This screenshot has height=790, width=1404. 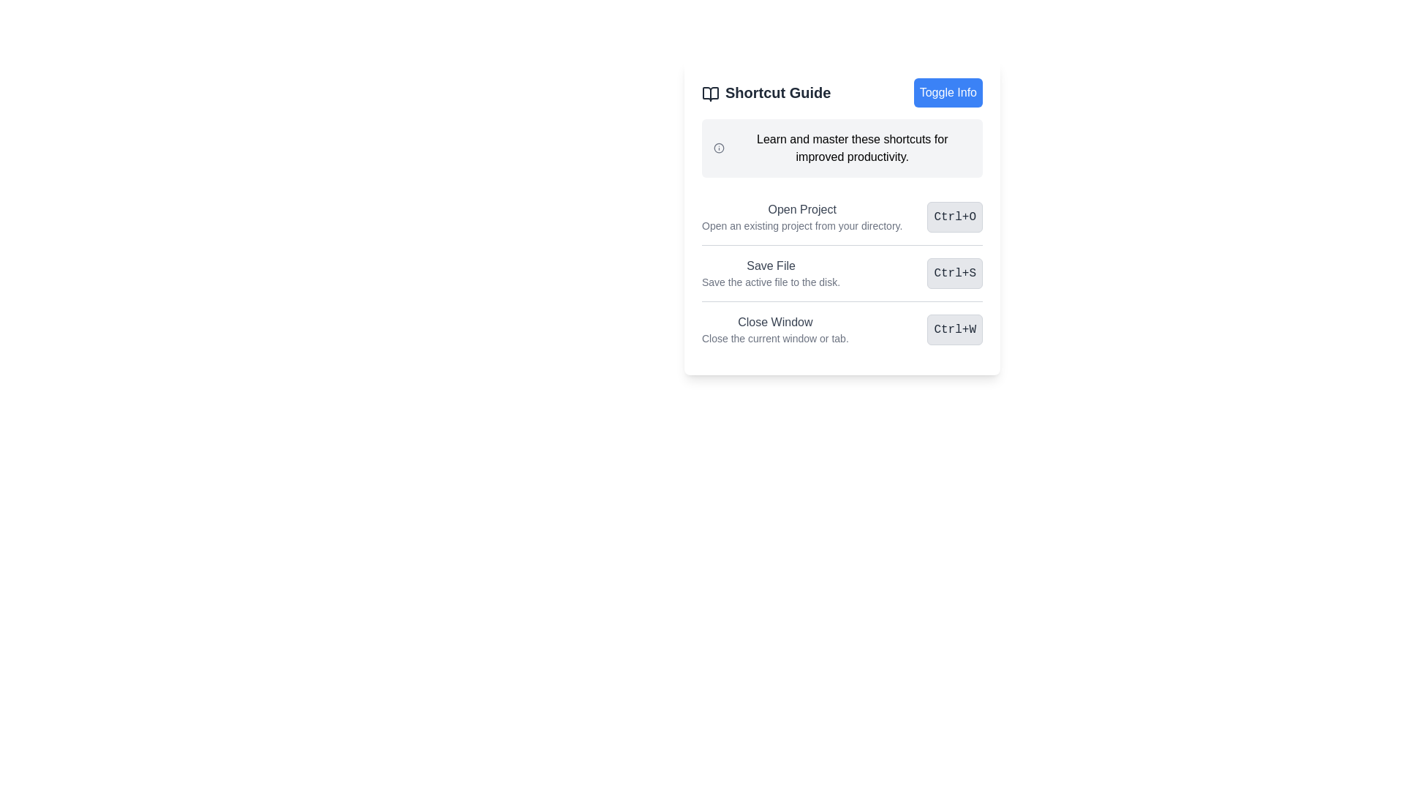 What do you see at coordinates (770, 274) in the screenshot?
I see `the 'Save File' textual description component, which is centrally aligned in the 'Shortcut Guide' modal, positioned between 'Open Project' and 'Close Window.'` at bounding box center [770, 274].